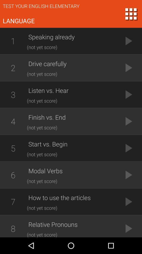 The width and height of the screenshot is (142, 254). I want to click on icon next to  drive carefully, so click(13, 67).